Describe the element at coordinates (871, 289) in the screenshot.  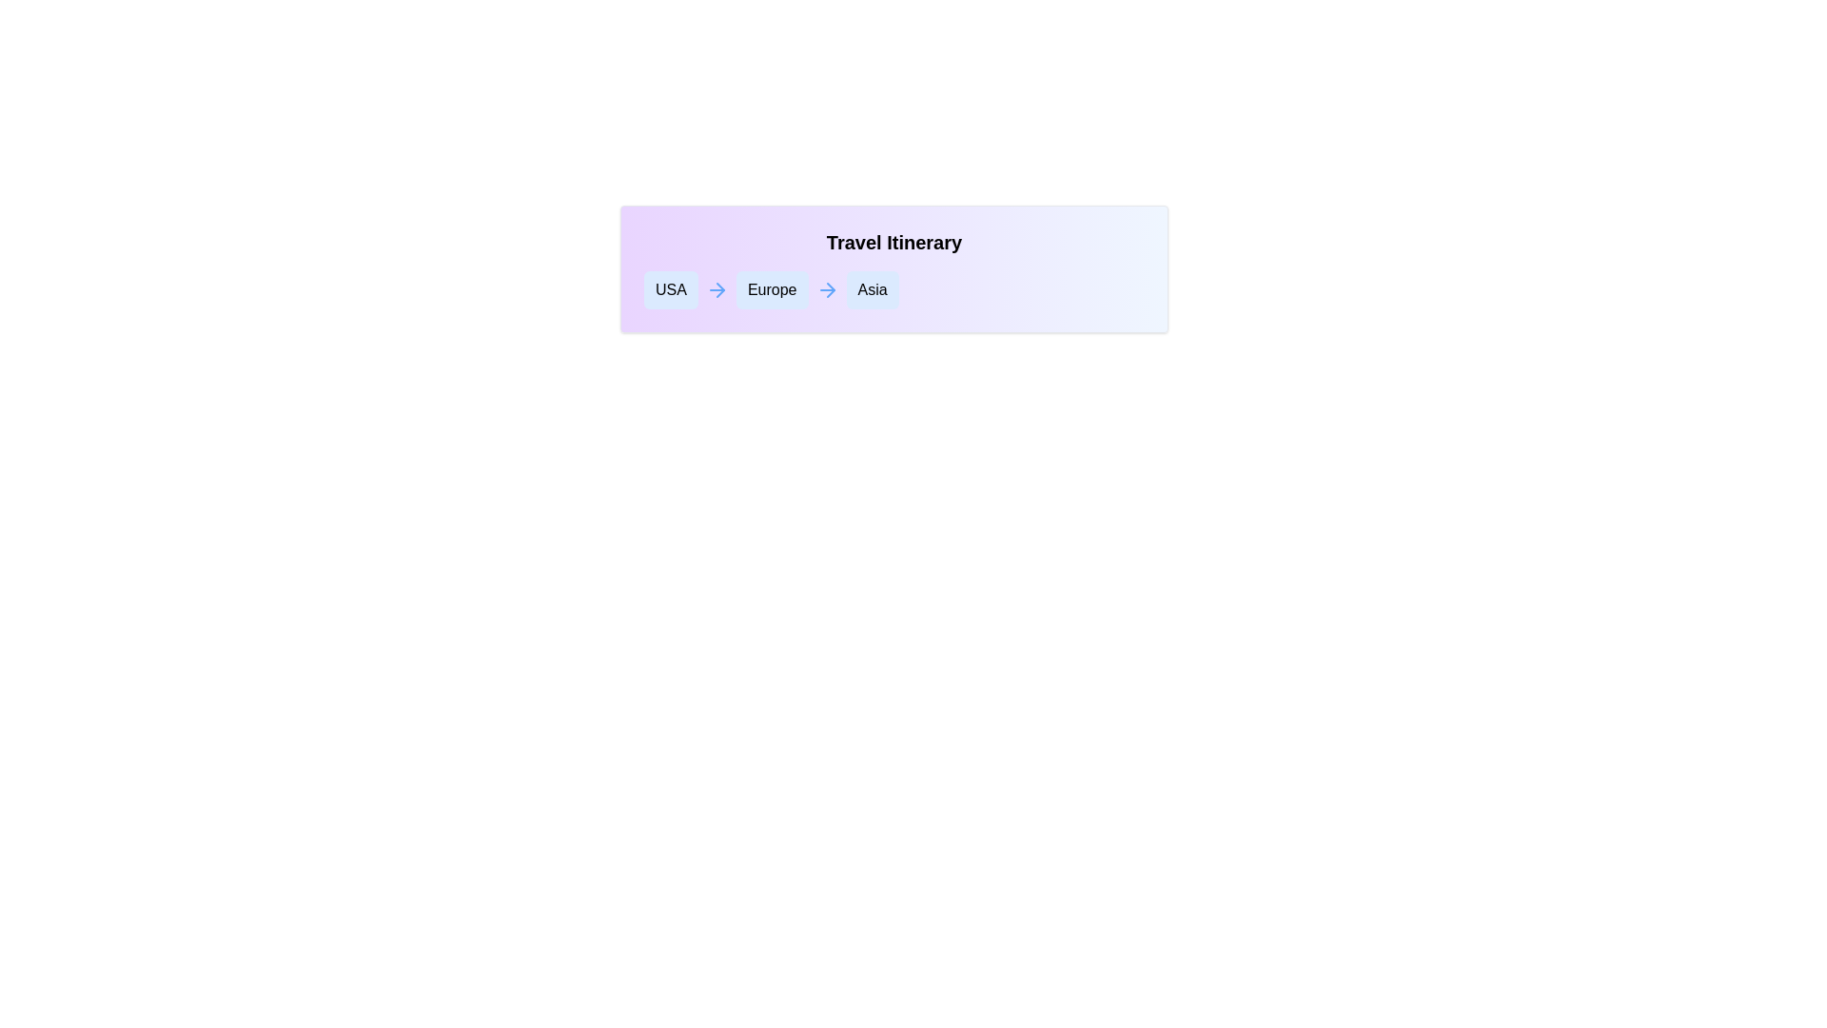
I see `the button labeled 'Asia', which is the third button in a horizontal navigation group, styled with a light blue background and rounded corners` at that location.